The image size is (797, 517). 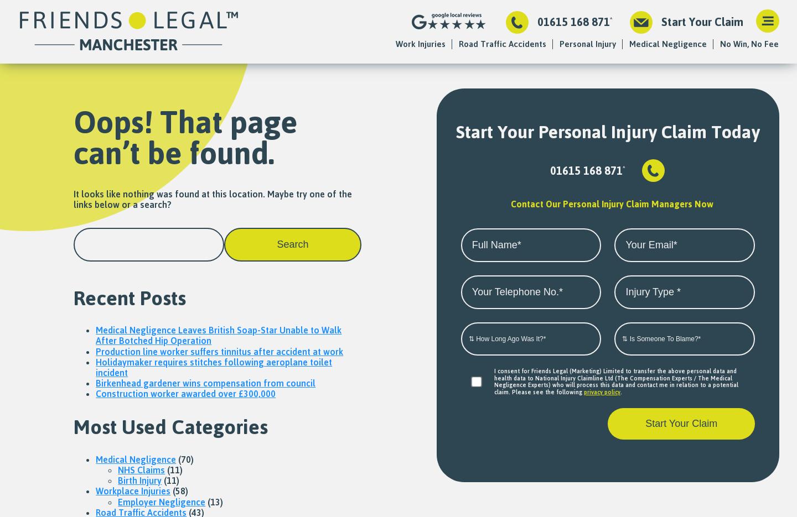 What do you see at coordinates (416, 185) in the screenshot?
I see `'Repetitive Strain Injury'` at bounding box center [416, 185].